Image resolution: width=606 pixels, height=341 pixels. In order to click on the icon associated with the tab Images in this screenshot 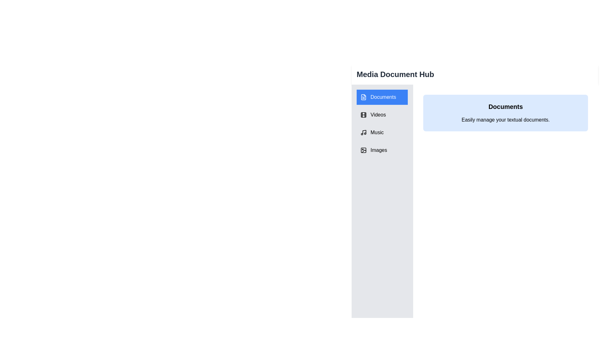, I will do `click(364, 150)`.